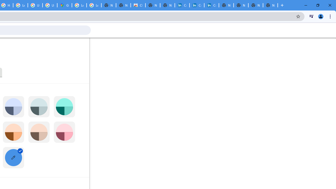 This screenshot has height=189, width=336. What do you see at coordinates (270, 5) in the screenshot?
I see `'New Tab'` at bounding box center [270, 5].